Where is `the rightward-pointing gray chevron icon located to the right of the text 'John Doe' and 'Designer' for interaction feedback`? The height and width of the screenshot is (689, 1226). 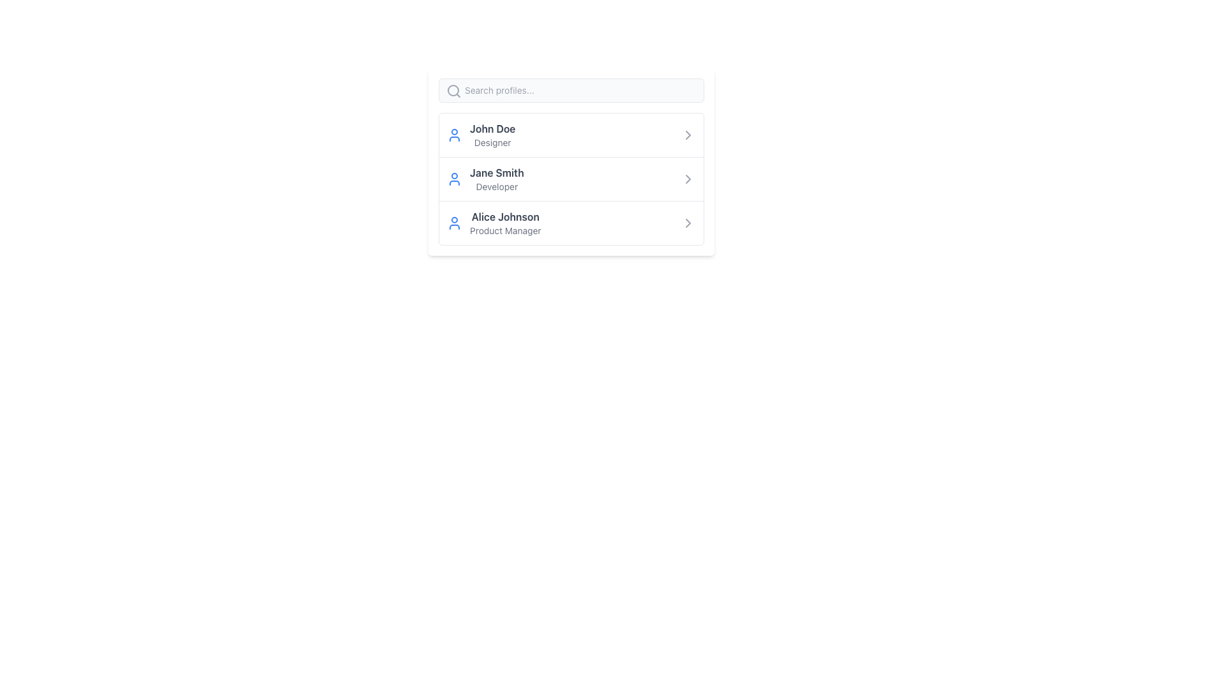 the rightward-pointing gray chevron icon located to the right of the text 'John Doe' and 'Designer' for interaction feedback is located at coordinates (688, 135).